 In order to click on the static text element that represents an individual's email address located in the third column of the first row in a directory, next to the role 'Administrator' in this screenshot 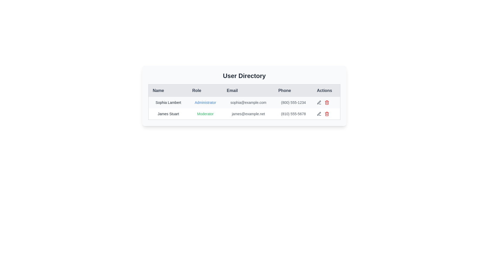, I will do `click(248, 103)`.